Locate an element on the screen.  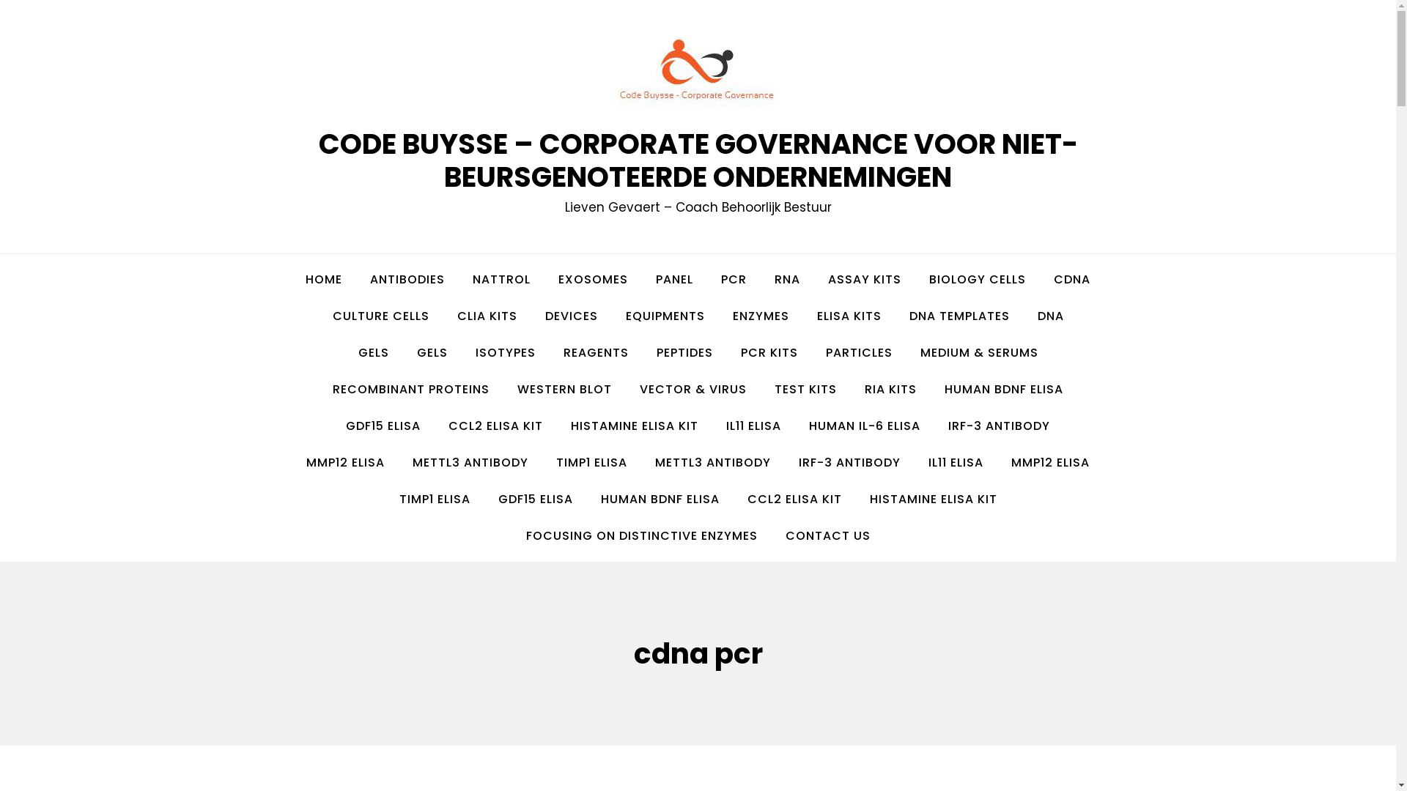
'ISOTYPES' is located at coordinates (462, 353).